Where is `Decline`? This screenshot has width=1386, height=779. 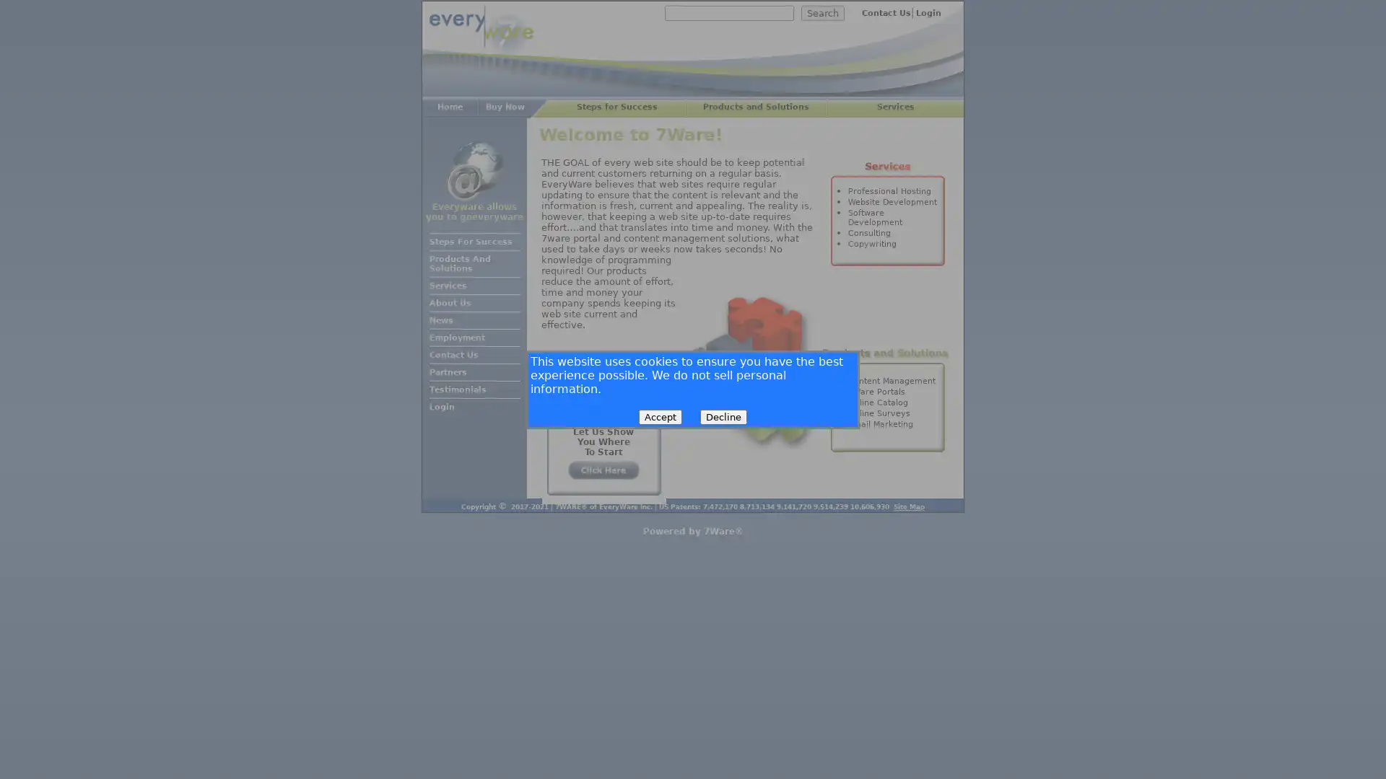 Decline is located at coordinates (723, 416).